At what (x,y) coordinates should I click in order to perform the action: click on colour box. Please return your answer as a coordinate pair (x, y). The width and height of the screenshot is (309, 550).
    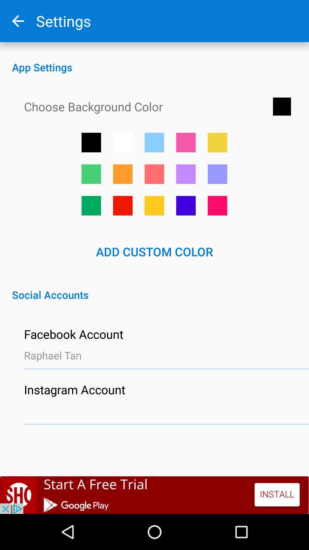
    Looking at the image, I should click on (217, 142).